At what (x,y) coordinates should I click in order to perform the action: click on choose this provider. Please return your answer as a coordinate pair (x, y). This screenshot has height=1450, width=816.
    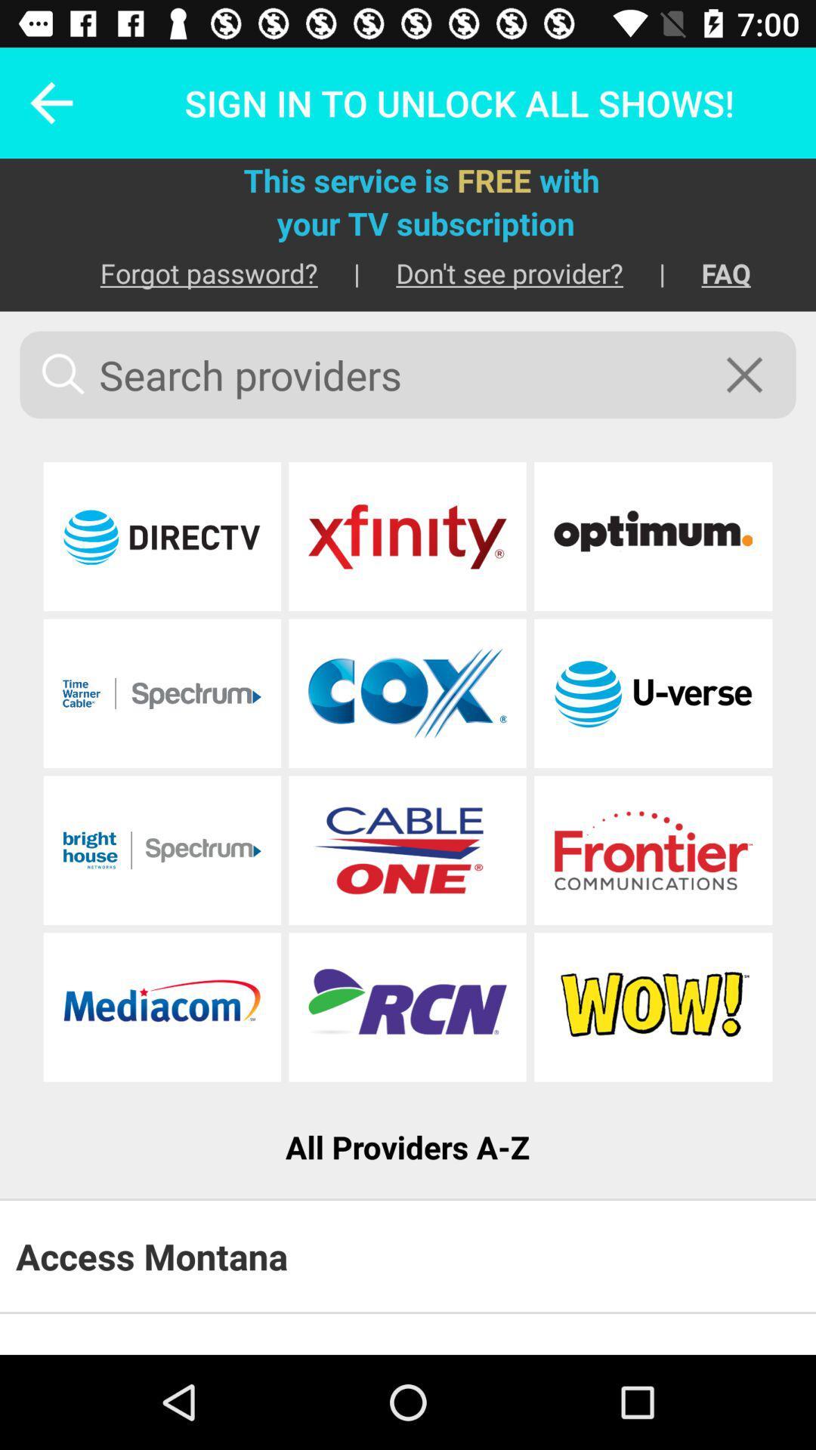
    Looking at the image, I should click on (652, 1007).